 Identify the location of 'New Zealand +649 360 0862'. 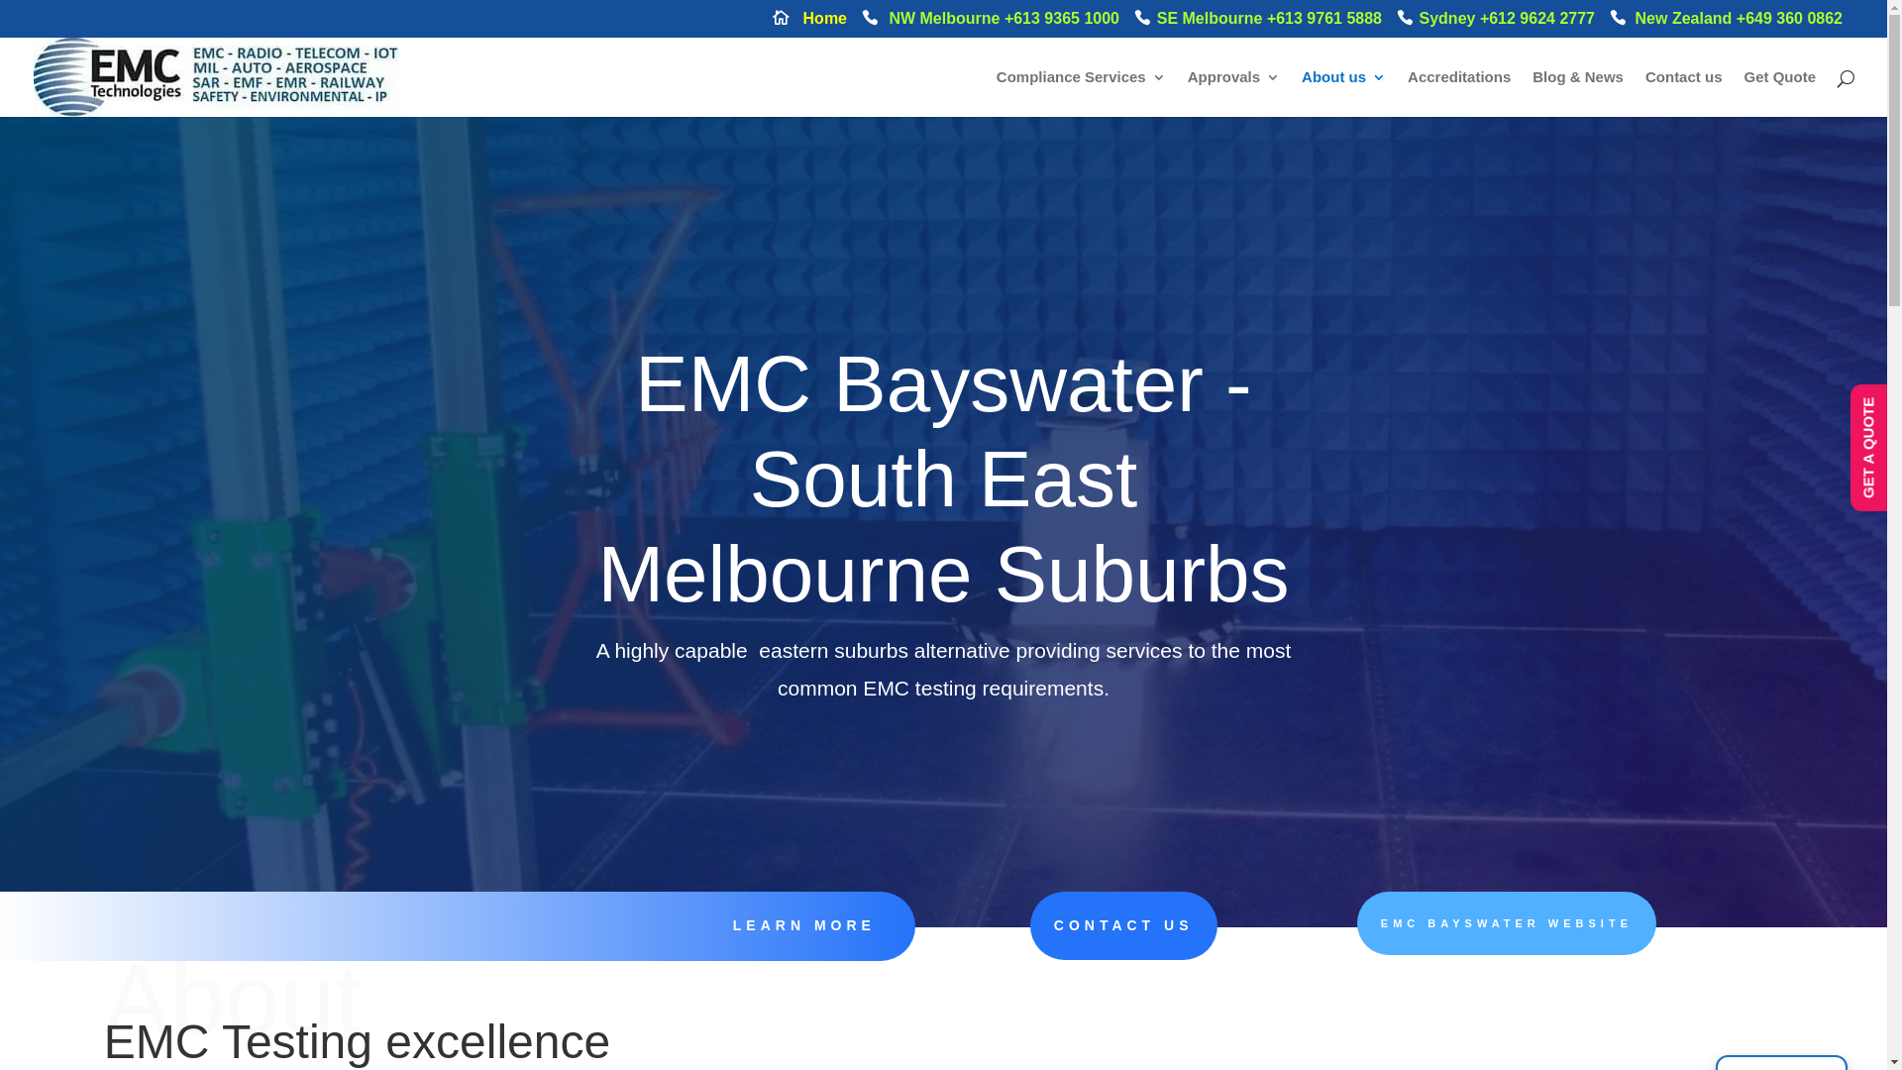
(1725, 24).